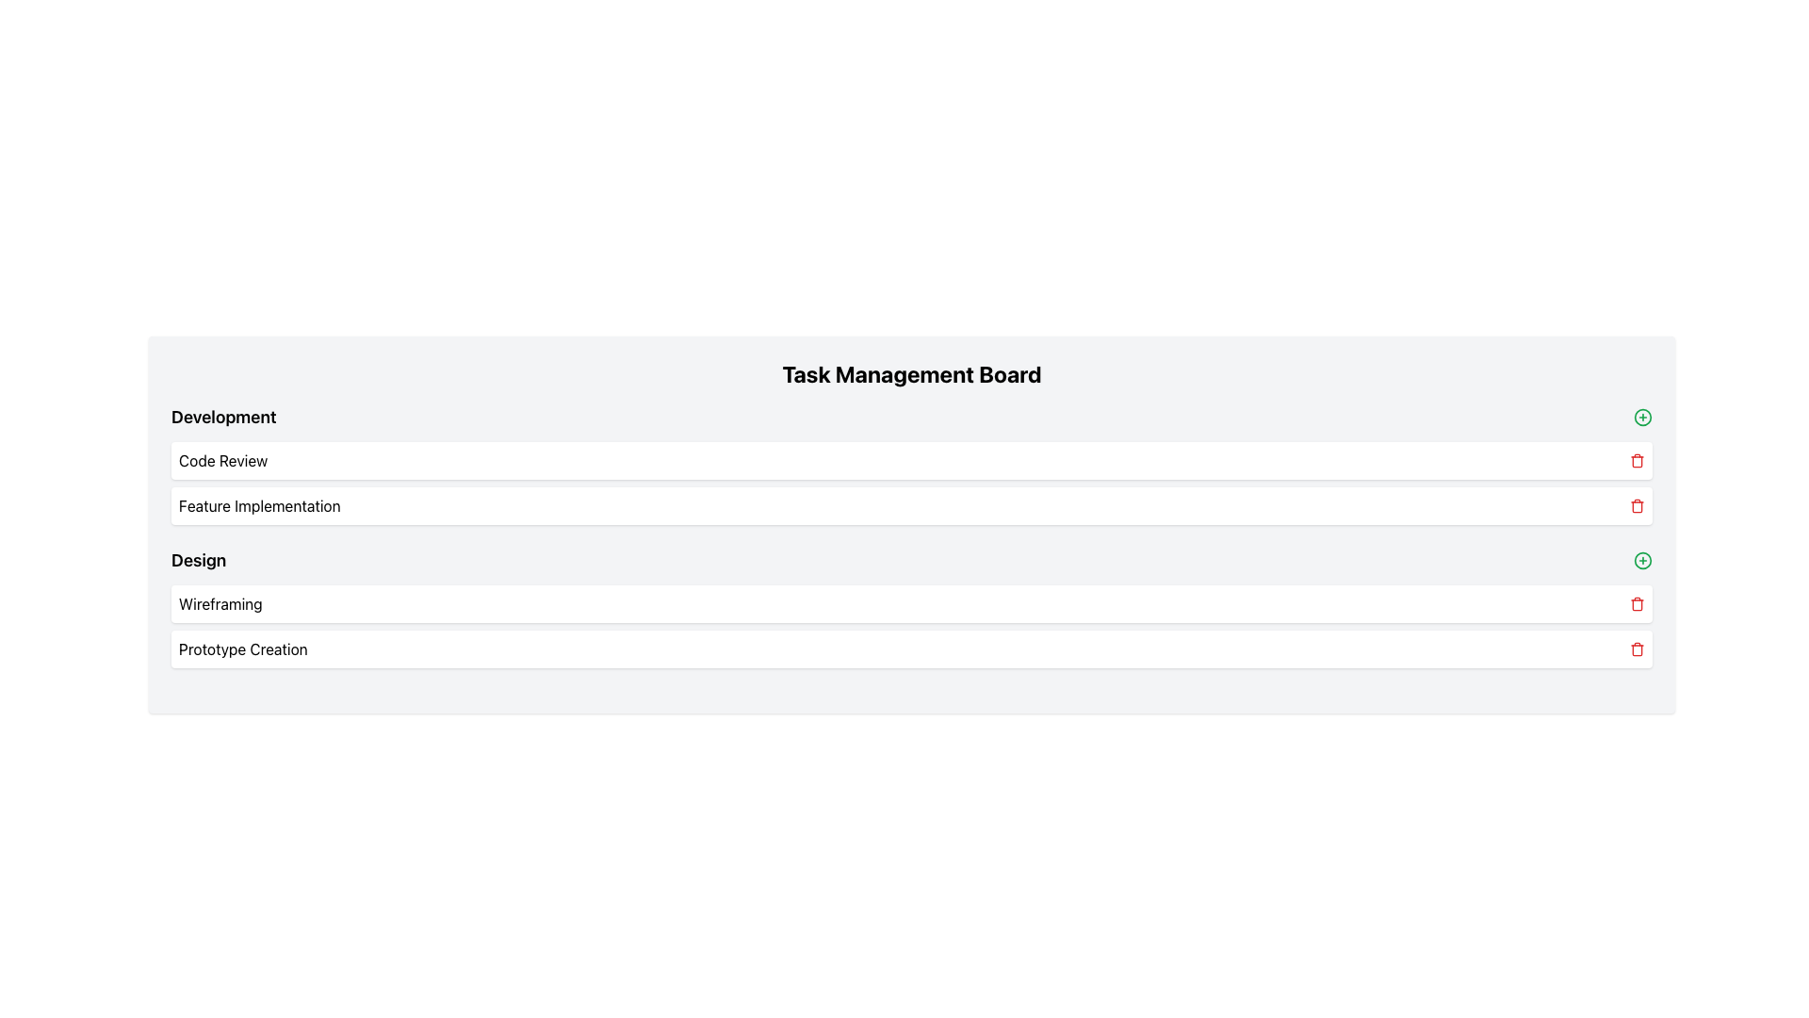 This screenshot has height=1018, width=1809. I want to click on the delete icon located in the rightmost section of the 'Feature Implementation' row in the 'Development' section of the task management board, so click(1636, 505).